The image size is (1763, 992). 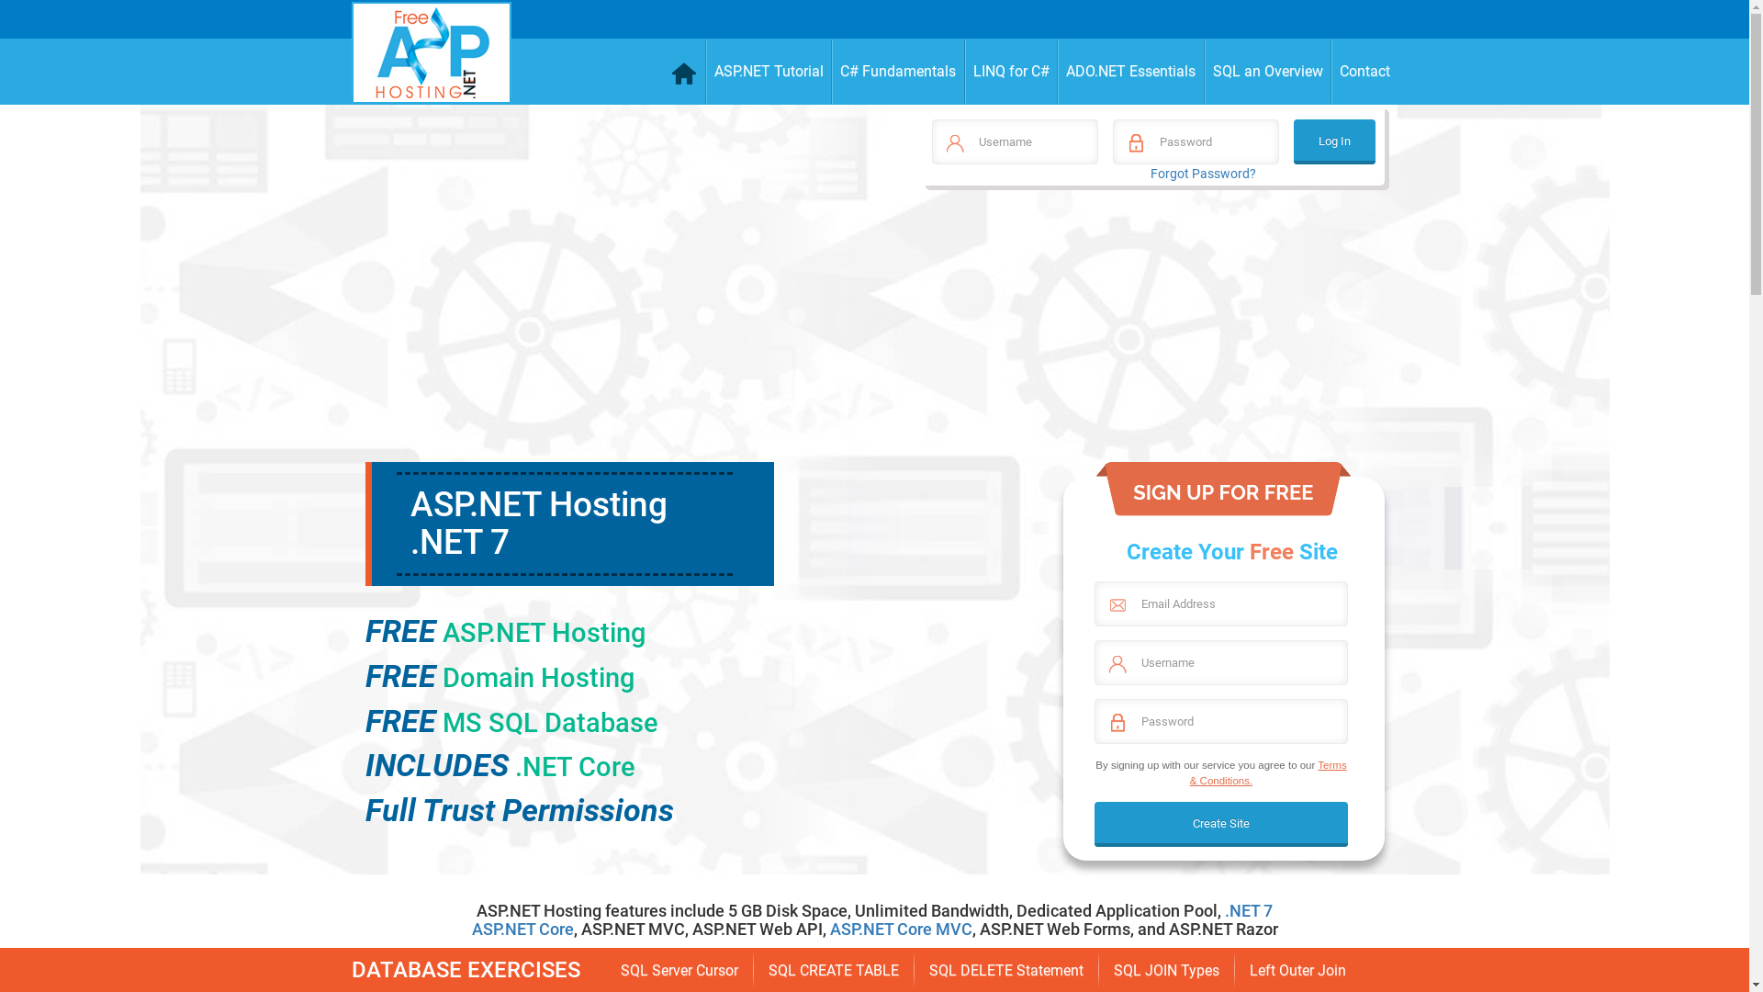 What do you see at coordinates (901, 929) in the screenshot?
I see `'ASP.NET Core MVC'` at bounding box center [901, 929].